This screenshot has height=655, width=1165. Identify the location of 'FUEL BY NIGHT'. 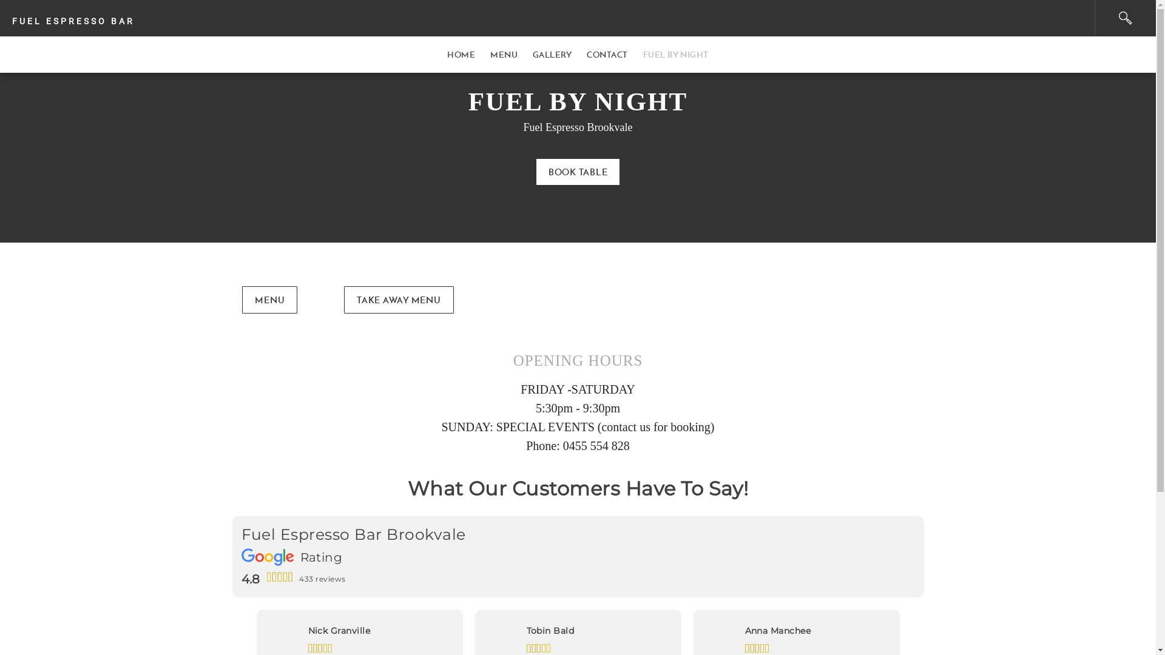
(675, 53).